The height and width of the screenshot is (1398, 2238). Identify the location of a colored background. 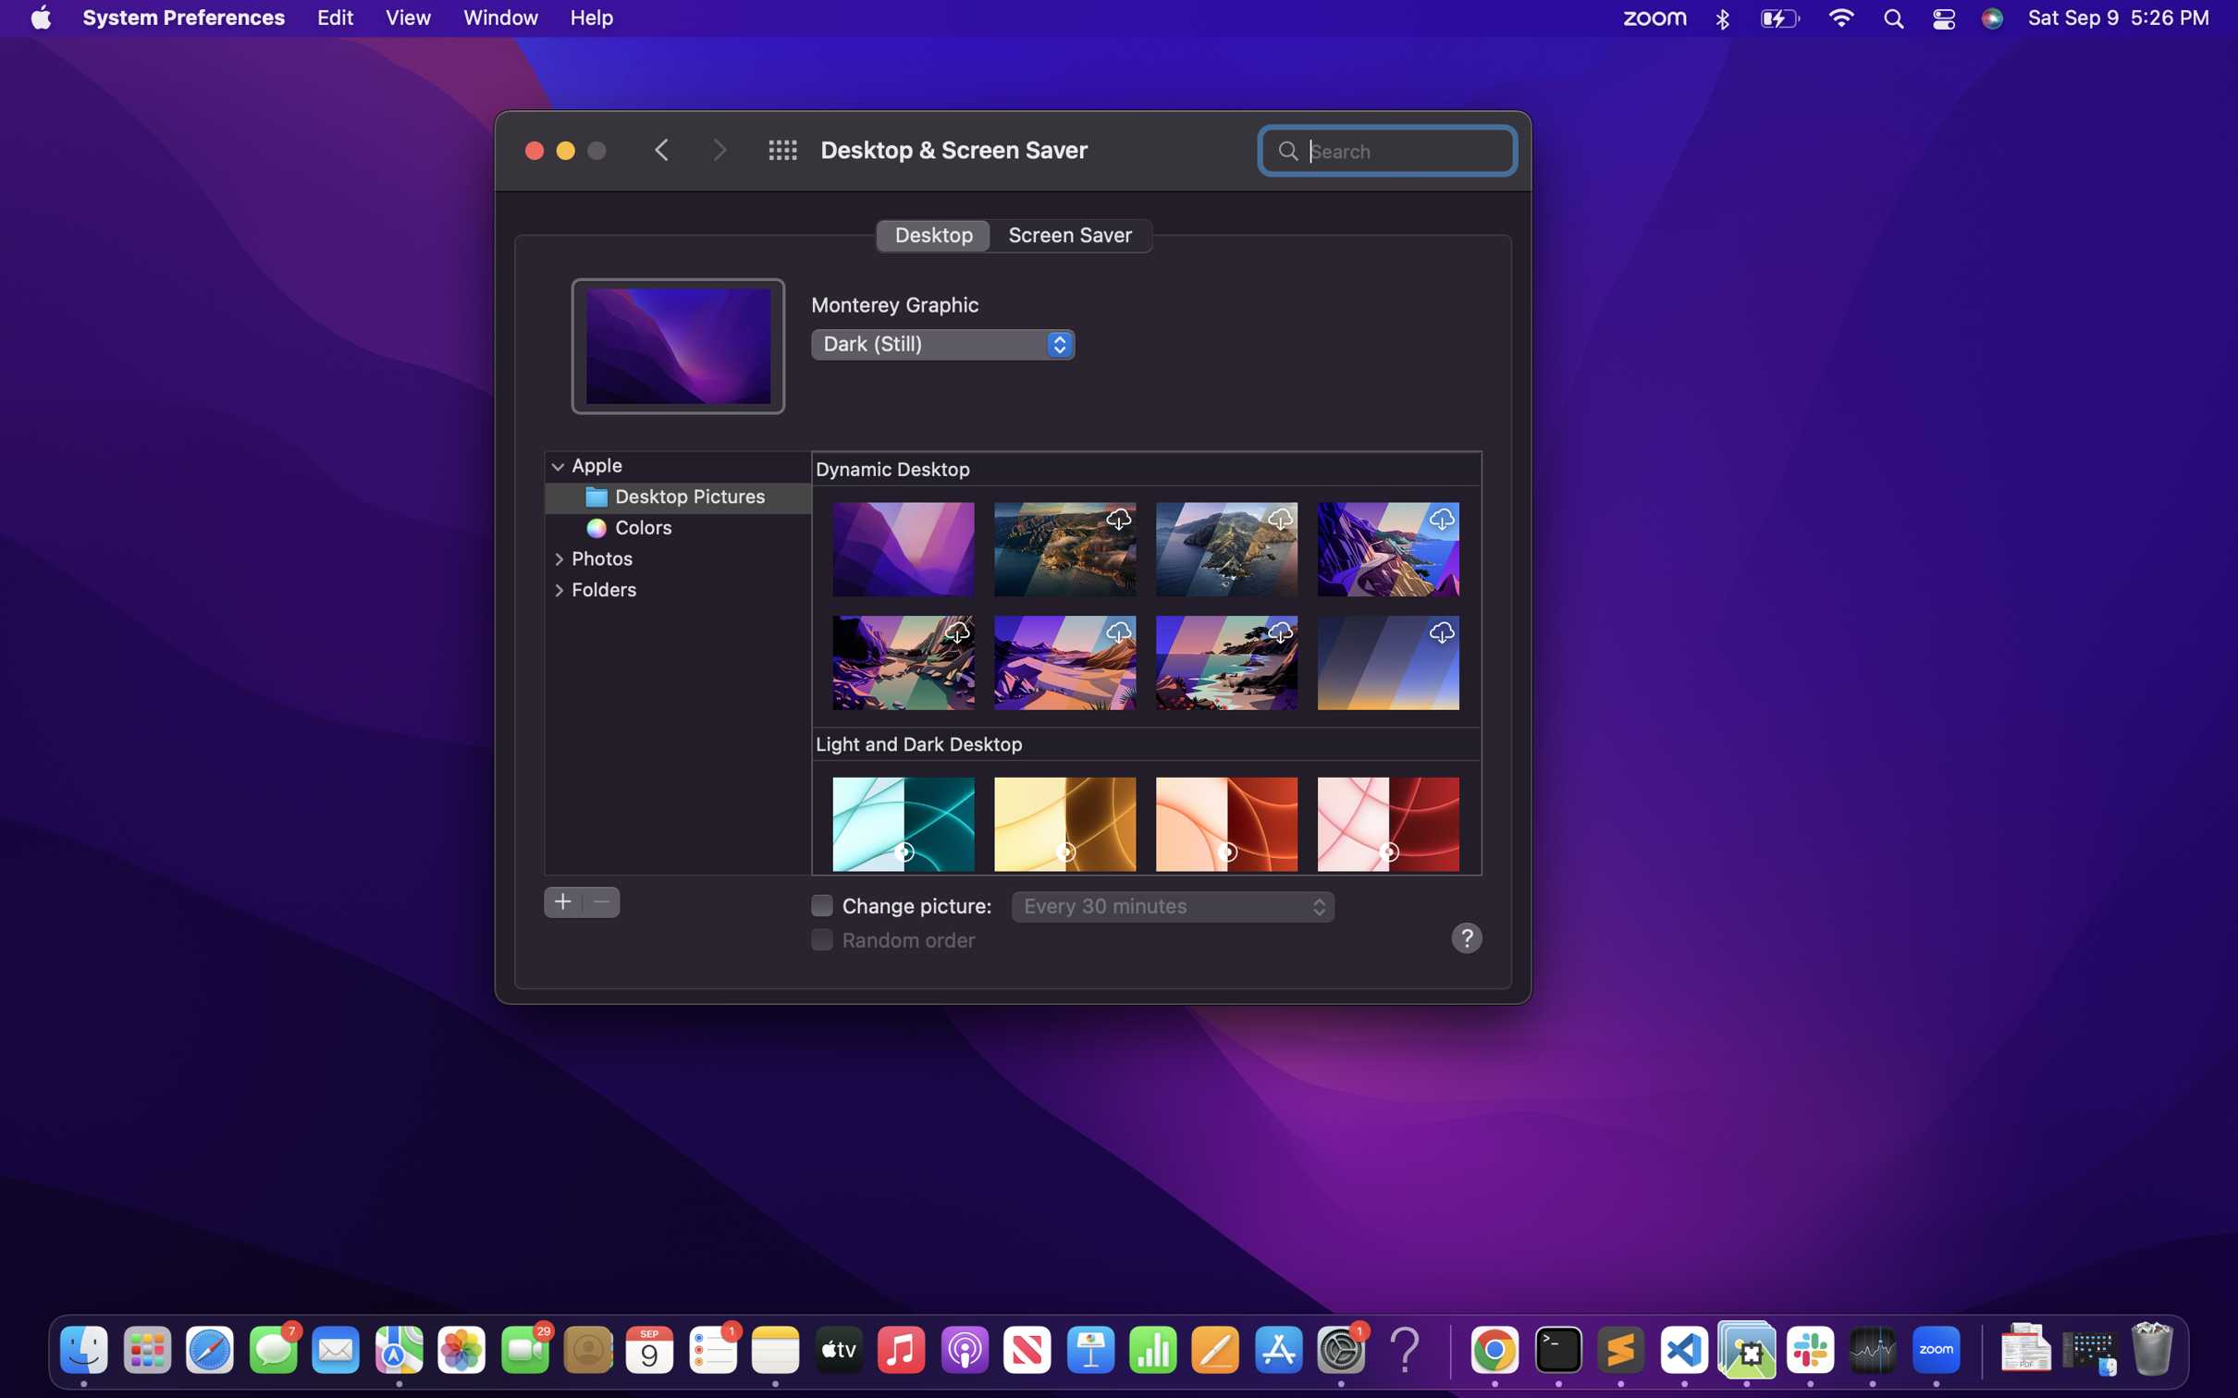
(682, 528).